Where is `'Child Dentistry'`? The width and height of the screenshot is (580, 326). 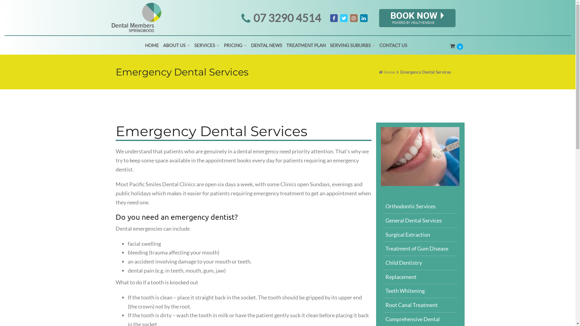
'Child Dentistry' is located at coordinates (420, 263).